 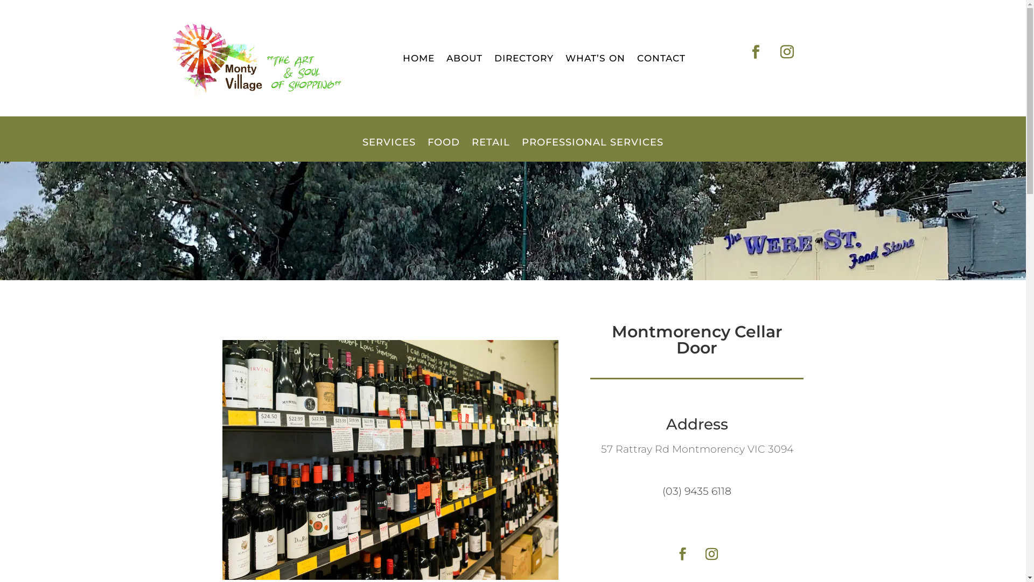 What do you see at coordinates (669, 554) in the screenshot?
I see `'Follow on Facebook'` at bounding box center [669, 554].